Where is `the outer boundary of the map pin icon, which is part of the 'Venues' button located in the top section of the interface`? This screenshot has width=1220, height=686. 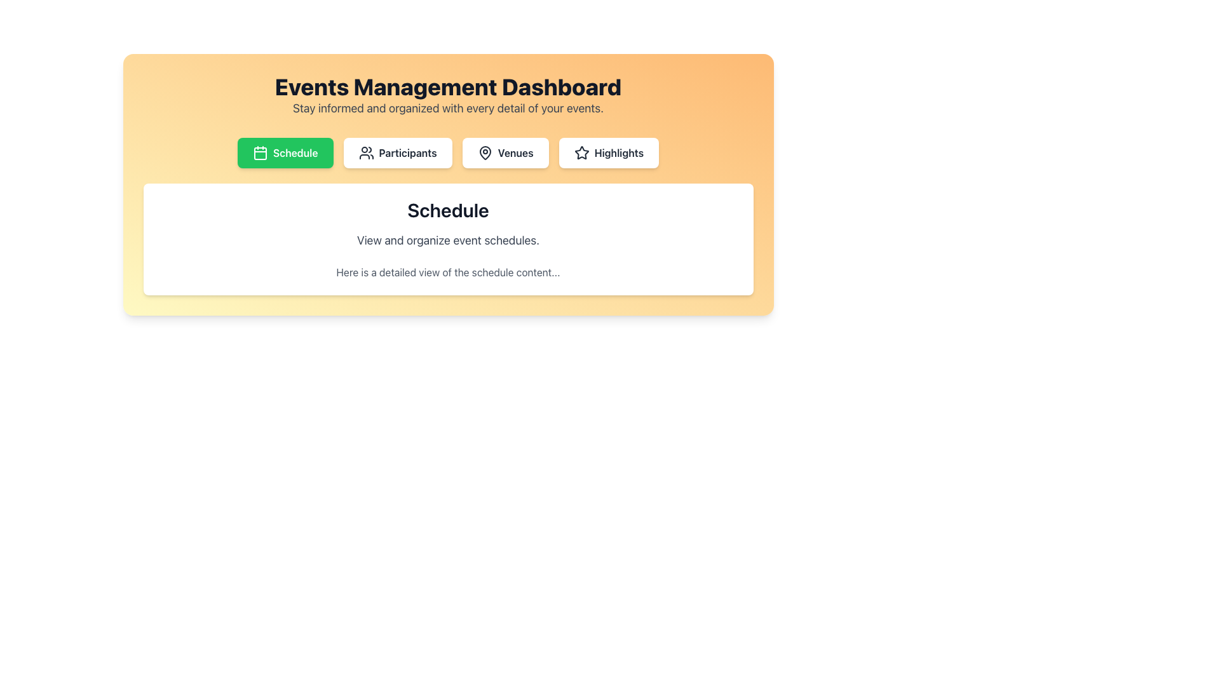 the outer boundary of the map pin icon, which is part of the 'Venues' button located in the top section of the interface is located at coordinates (484, 152).